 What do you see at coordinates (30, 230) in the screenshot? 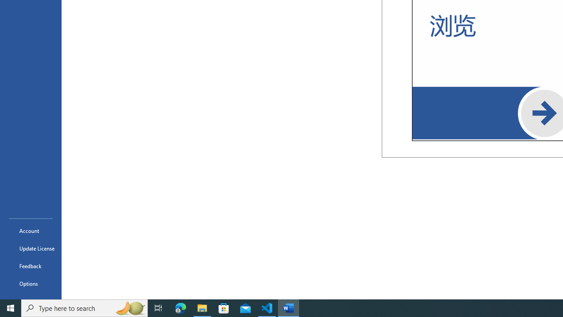
I see `'Account'` at bounding box center [30, 230].